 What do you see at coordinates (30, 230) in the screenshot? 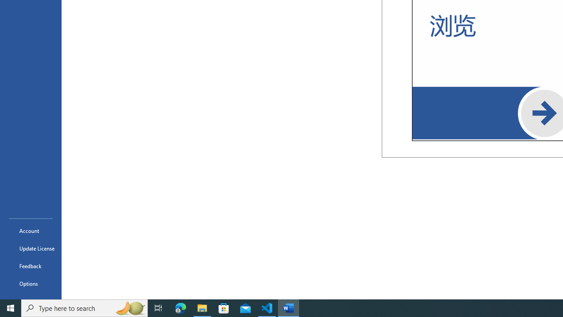
I see `'Account'` at bounding box center [30, 230].